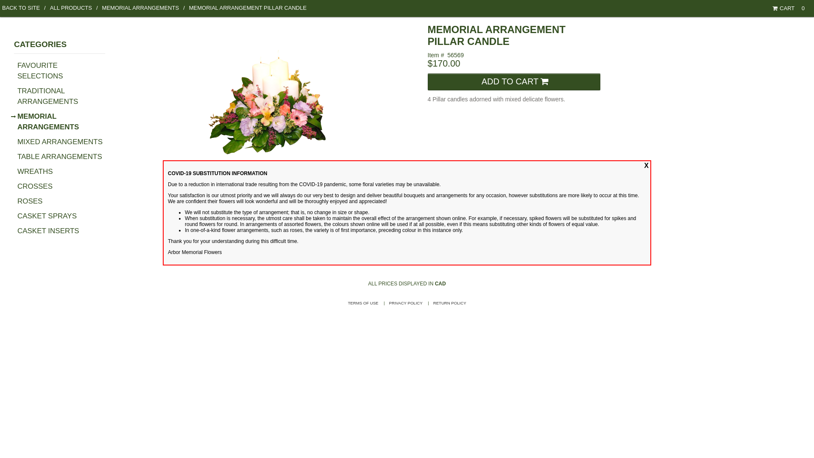 The height and width of the screenshot is (458, 814). What do you see at coordinates (40, 70) in the screenshot?
I see `'FAVOURITE SELECTIONS'` at bounding box center [40, 70].